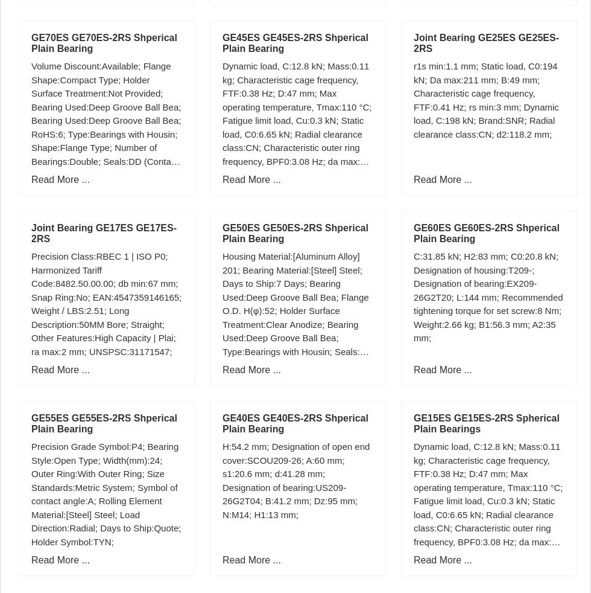 This screenshot has width=591, height=593. I want to click on 'GE55ES GE55ES-2RS Shperical Plain Bearing', so click(104, 423).